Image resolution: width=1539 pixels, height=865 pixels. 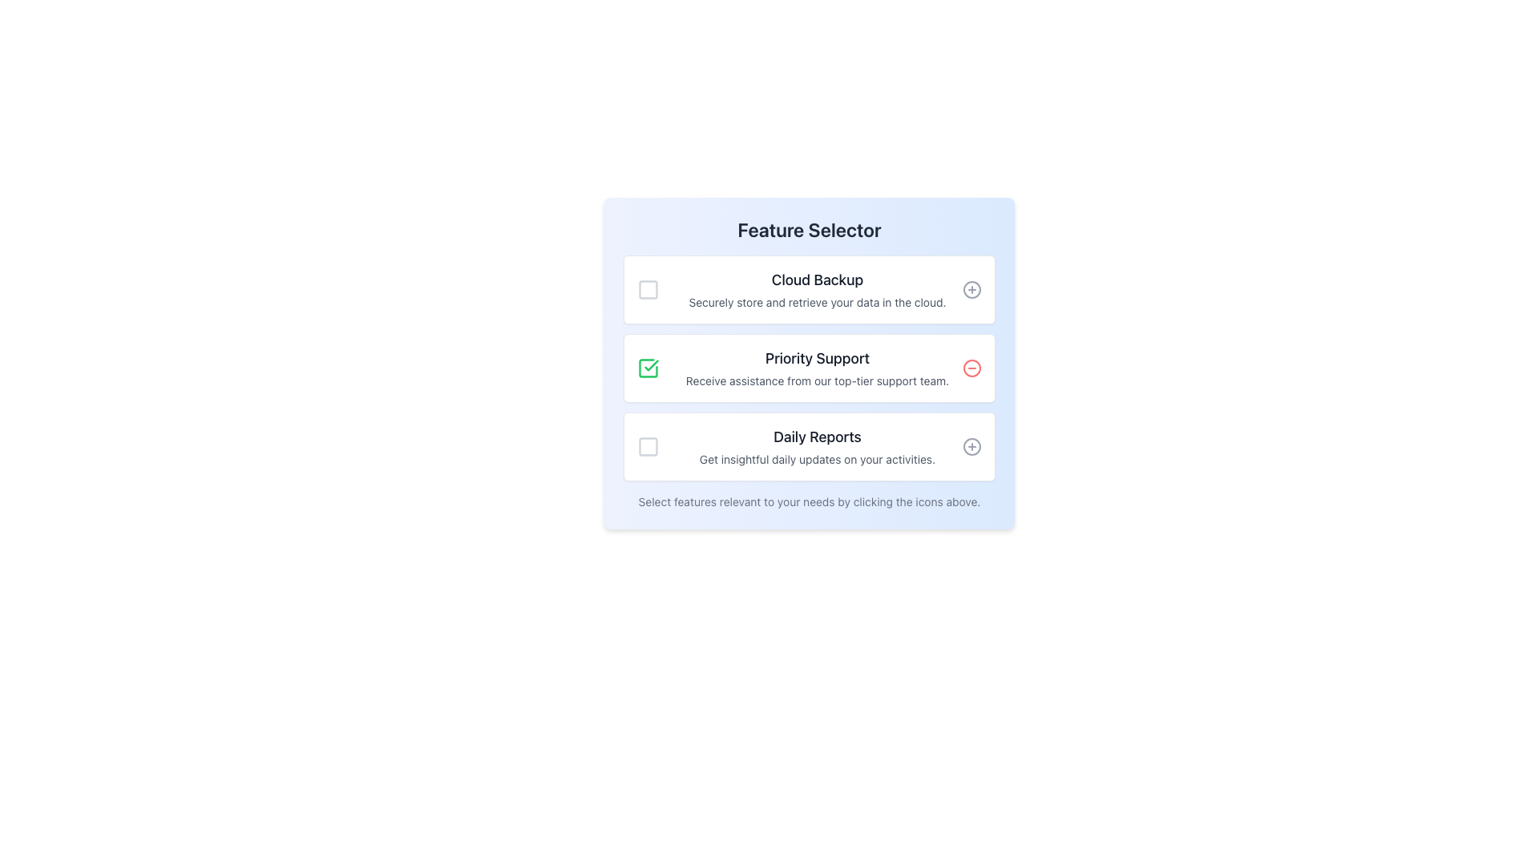 What do you see at coordinates (817, 357) in the screenshot?
I see `the 'Priority Support' text label, which is a bolded, large font text colored dark gray and positioned in the middle section of the 'Feature Selector' dialog, above the explanatory text` at bounding box center [817, 357].